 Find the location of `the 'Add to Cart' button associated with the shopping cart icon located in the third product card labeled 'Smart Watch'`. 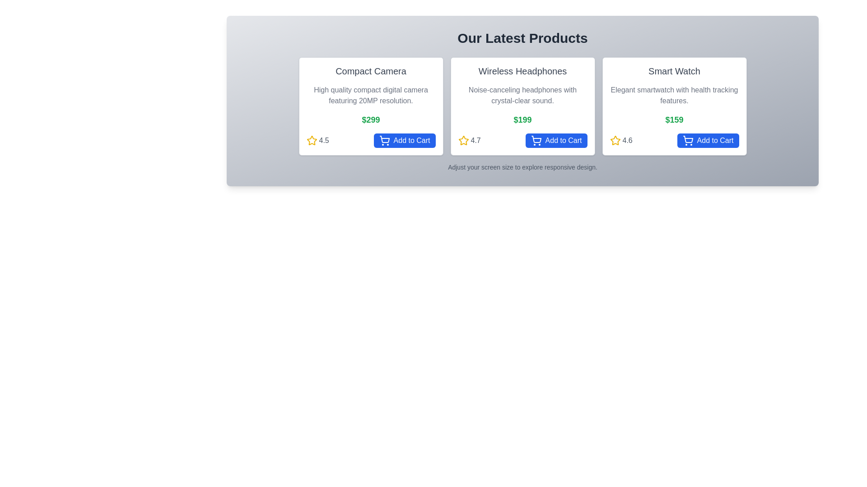

the 'Add to Cart' button associated with the shopping cart icon located in the third product card labeled 'Smart Watch' is located at coordinates (687, 139).